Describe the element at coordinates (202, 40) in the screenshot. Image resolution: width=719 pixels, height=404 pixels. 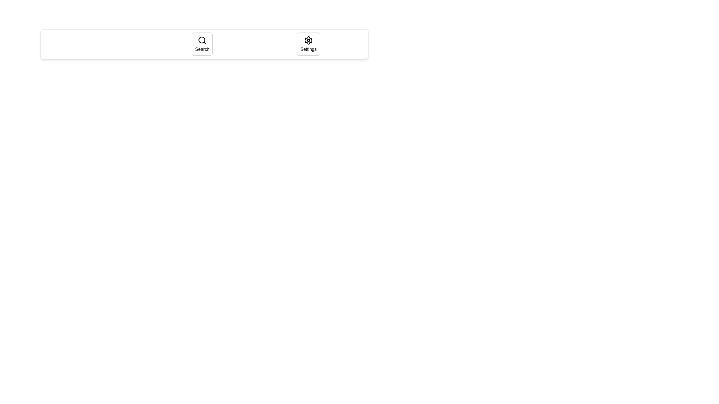
I see `the decorative circle in the magnifying glass icon, which is a circular component with a radius of 8 pixels, located at the specified center coordinates` at that location.